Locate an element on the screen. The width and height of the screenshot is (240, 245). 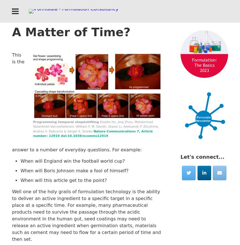
'Let's connect...' is located at coordinates (202, 156).